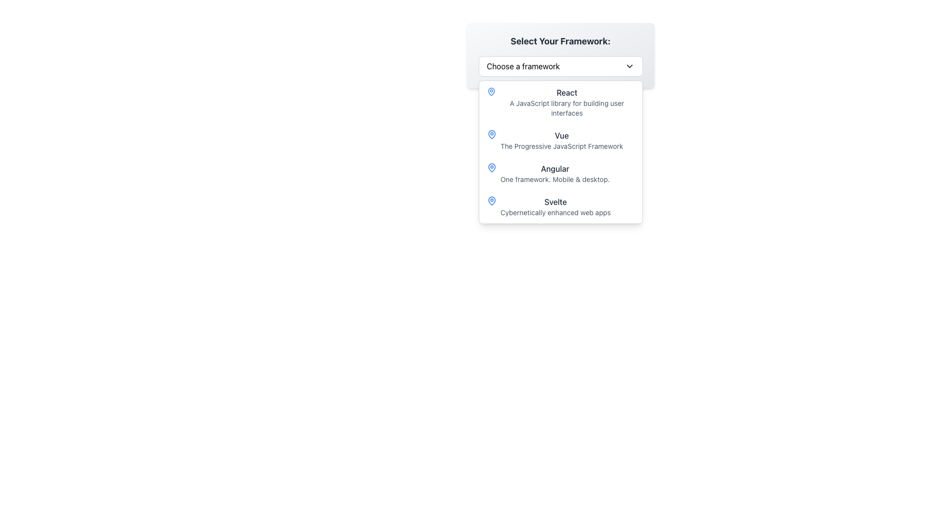  Describe the element at coordinates (491, 92) in the screenshot. I see `the menu item associated with the location indicator icon preceding the text 'React' in the dropdown menu` at that location.